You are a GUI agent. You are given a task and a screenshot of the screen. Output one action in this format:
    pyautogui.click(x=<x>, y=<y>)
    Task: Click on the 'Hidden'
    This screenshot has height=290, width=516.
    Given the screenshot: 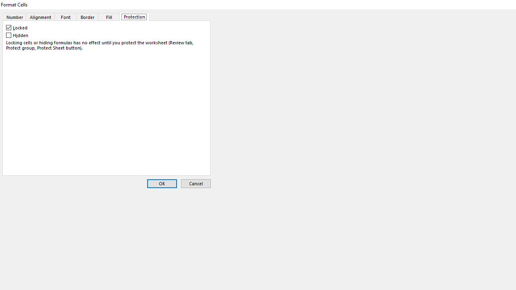 What is the action you would take?
    pyautogui.click(x=18, y=35)
    